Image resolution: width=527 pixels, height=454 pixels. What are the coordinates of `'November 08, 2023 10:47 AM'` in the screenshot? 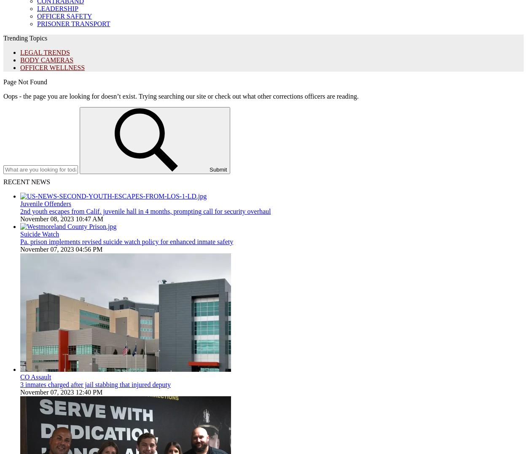 It's located at (62, 218).